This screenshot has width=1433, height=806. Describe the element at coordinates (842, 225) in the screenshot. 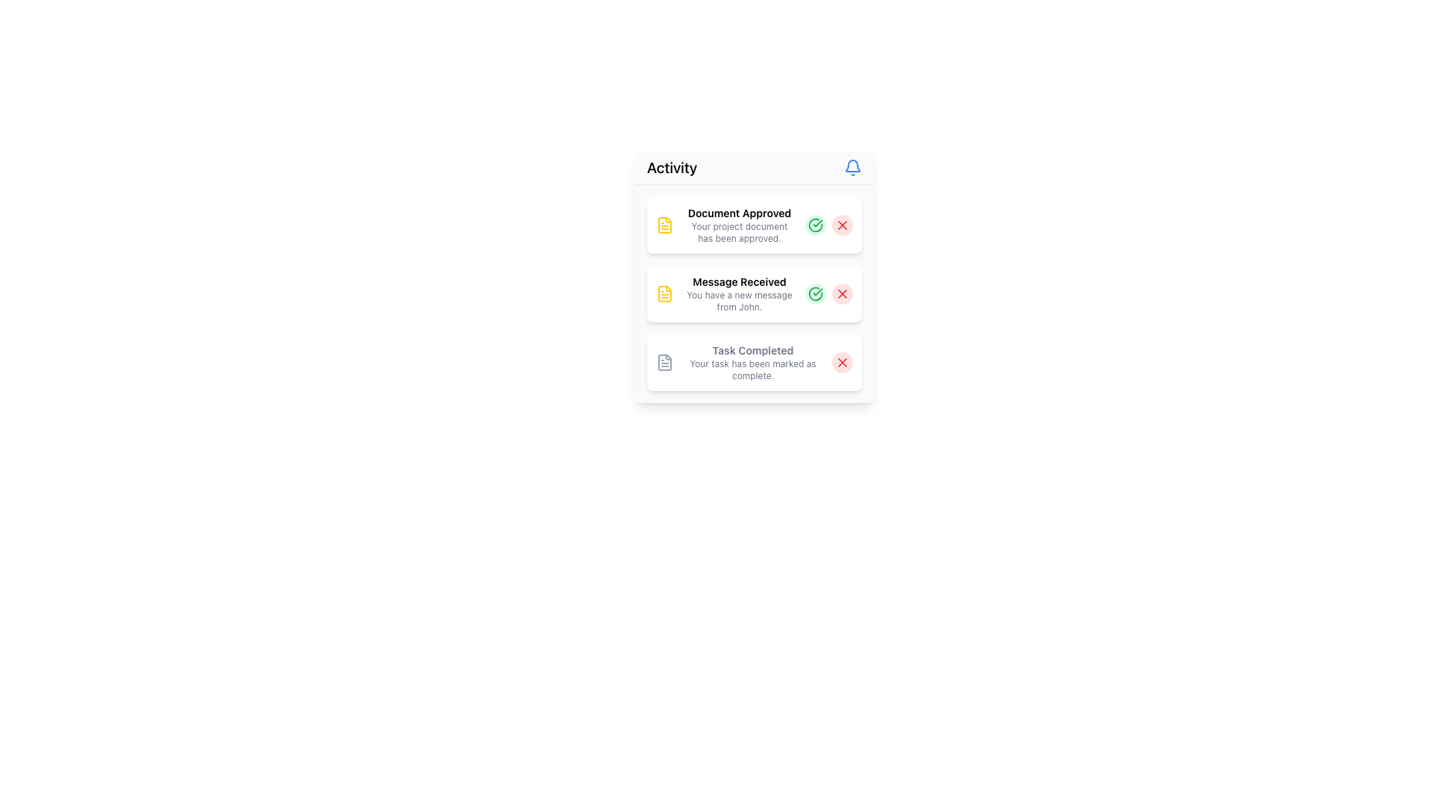

I see `the red 'X' icon in the topmost notification card under the 'Activity' section` at that location.